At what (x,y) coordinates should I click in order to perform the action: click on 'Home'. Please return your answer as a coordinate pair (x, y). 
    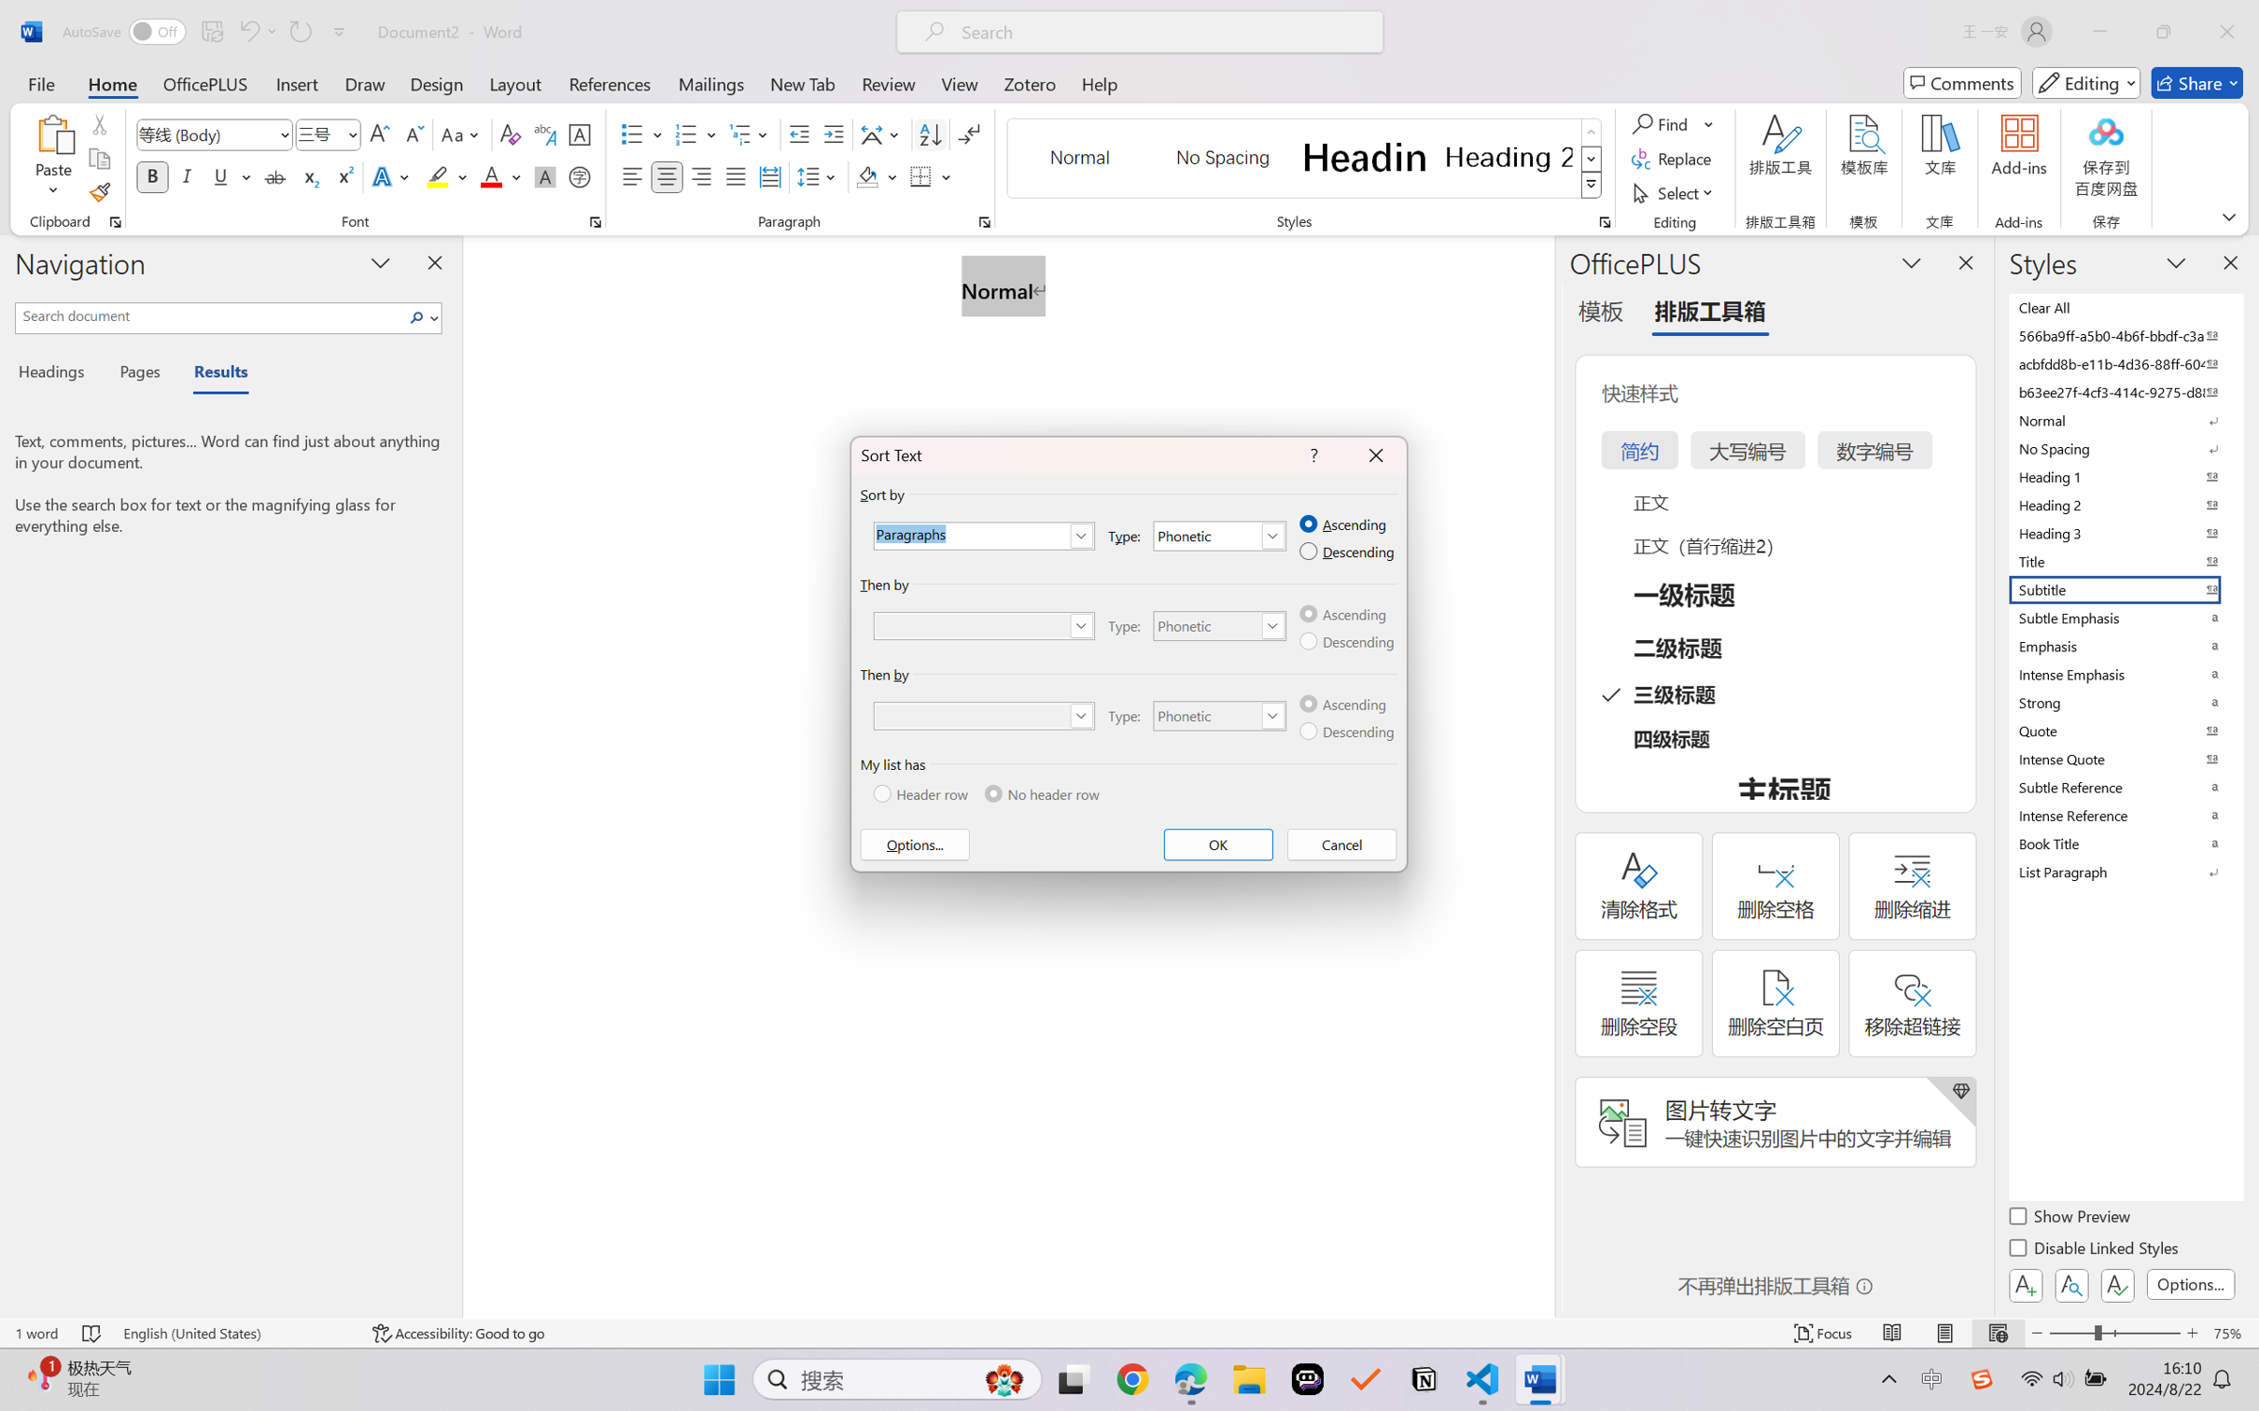
    Looking at the image, I should click on (113, 82).